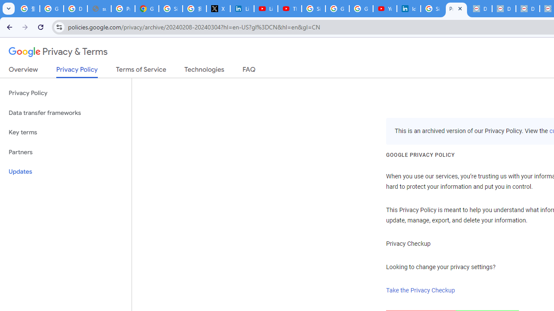 The height and width of the screenshot is (311, 554). Describe the element at coordinates (266, 9) in the screenshot. I see `'LinkedIn - YouTube'` at that location.